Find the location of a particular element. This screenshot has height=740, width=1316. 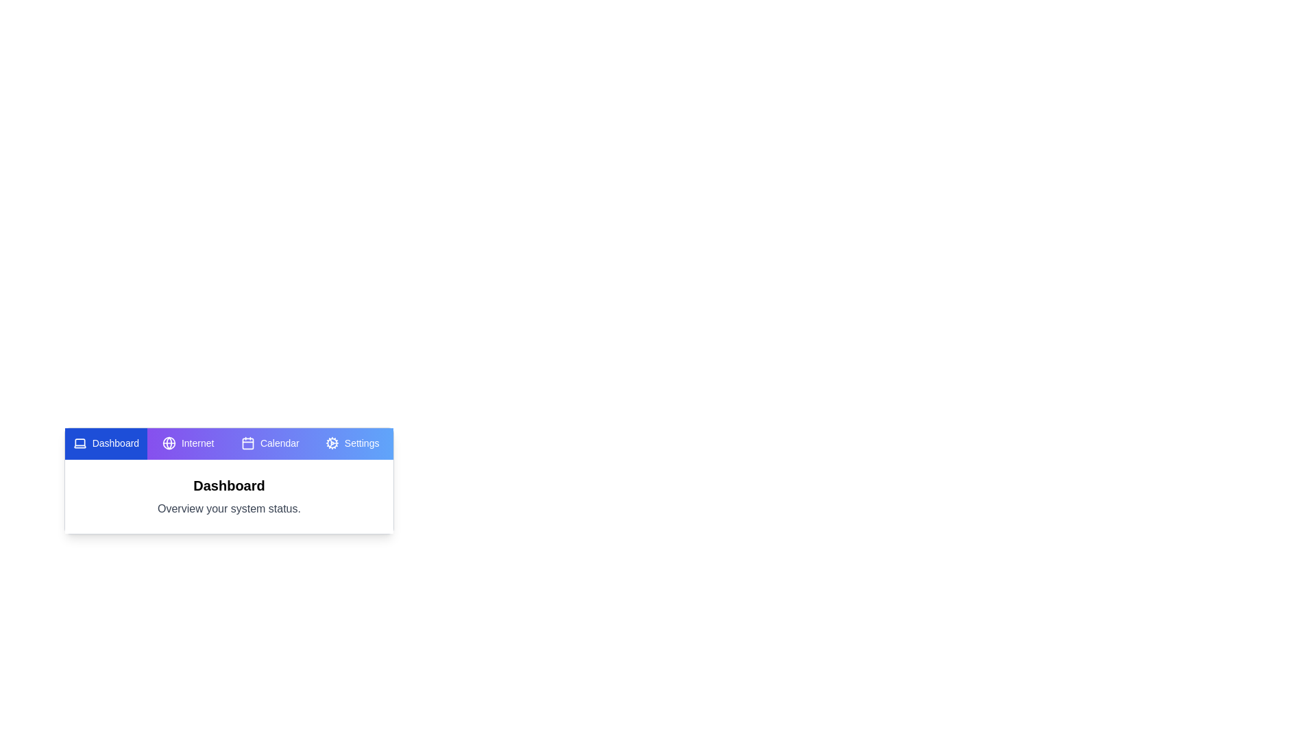

the tab labeled Internet to view its content is located at coordinates (187, 444).